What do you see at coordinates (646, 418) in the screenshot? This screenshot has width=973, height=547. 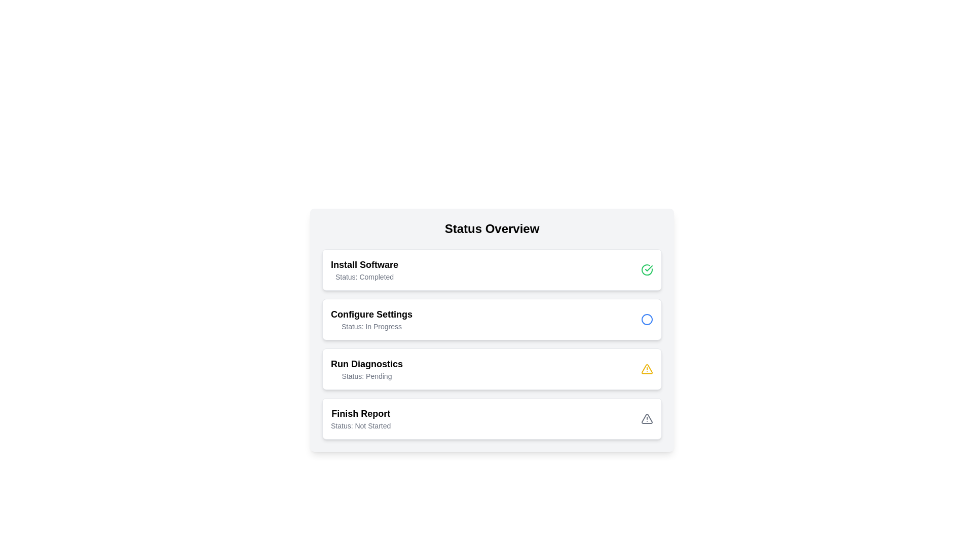 I see `the triangular warning icon with a red border and white background, located to the right of 'Status: Not Started' in the 'Finish Report' item` at bounding box center [646, 418].